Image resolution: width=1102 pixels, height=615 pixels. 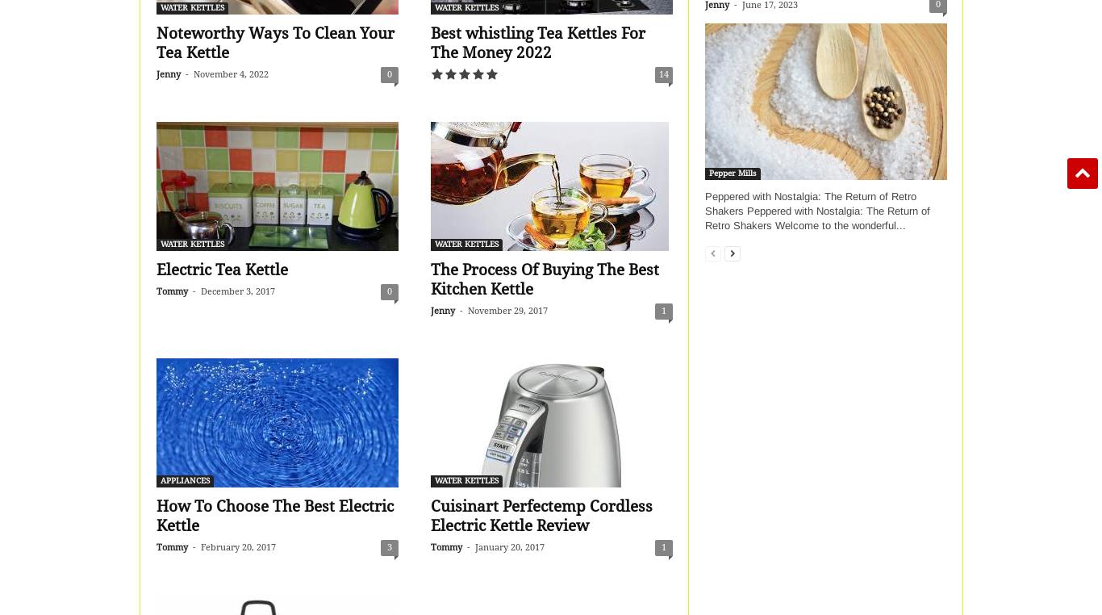 What do you see at coordinates (657, 74) in the screenshot?
I see `'14'` at bounding box center [657, 74].